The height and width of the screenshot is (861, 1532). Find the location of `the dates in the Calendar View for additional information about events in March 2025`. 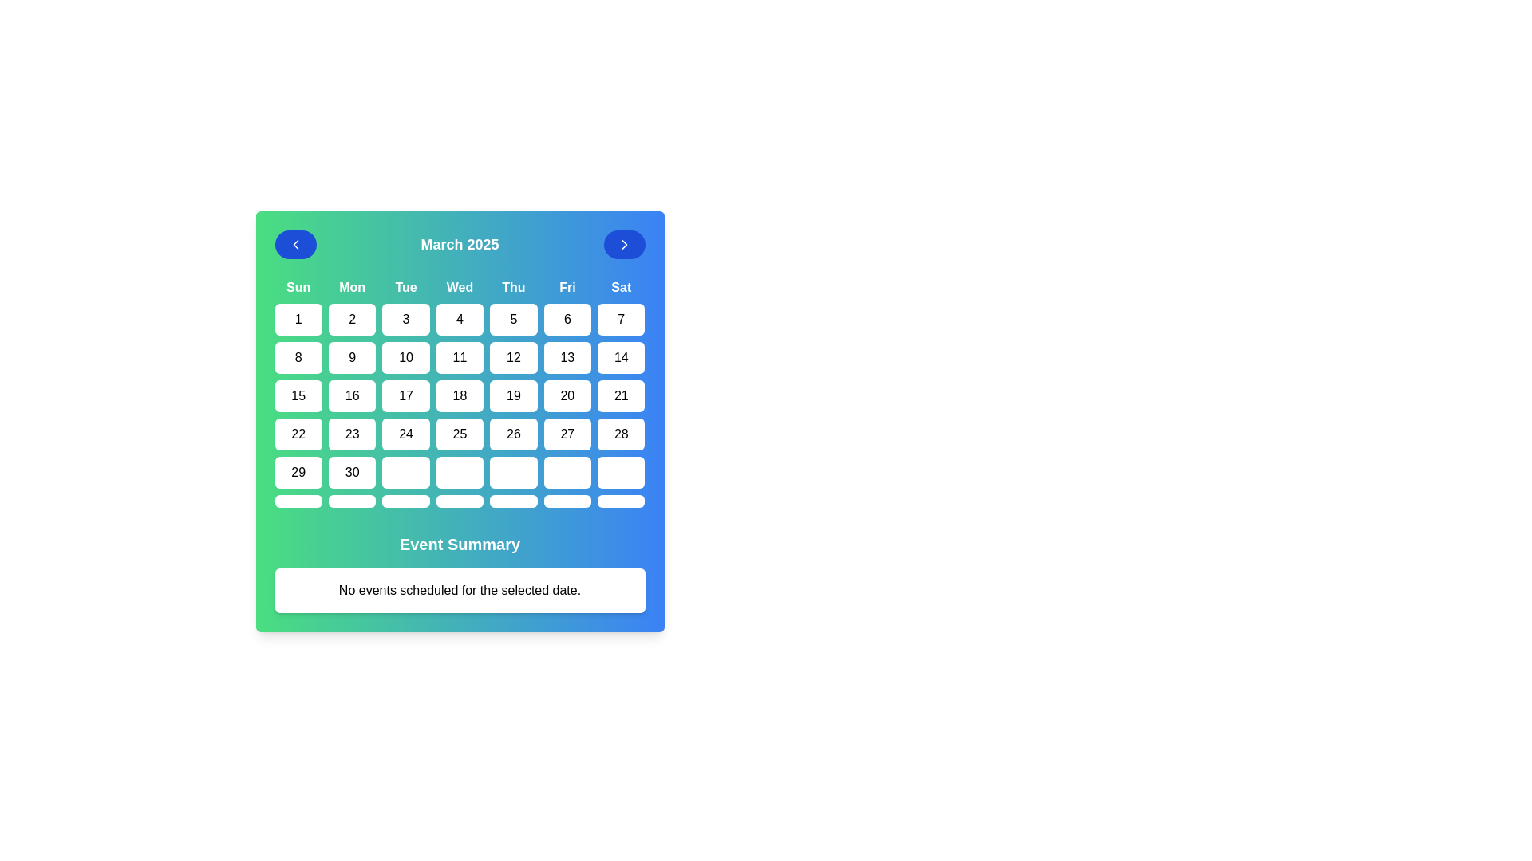

the dates in the Calendar View for additional information about events in March 2025 is located at coordinates (459, 420).